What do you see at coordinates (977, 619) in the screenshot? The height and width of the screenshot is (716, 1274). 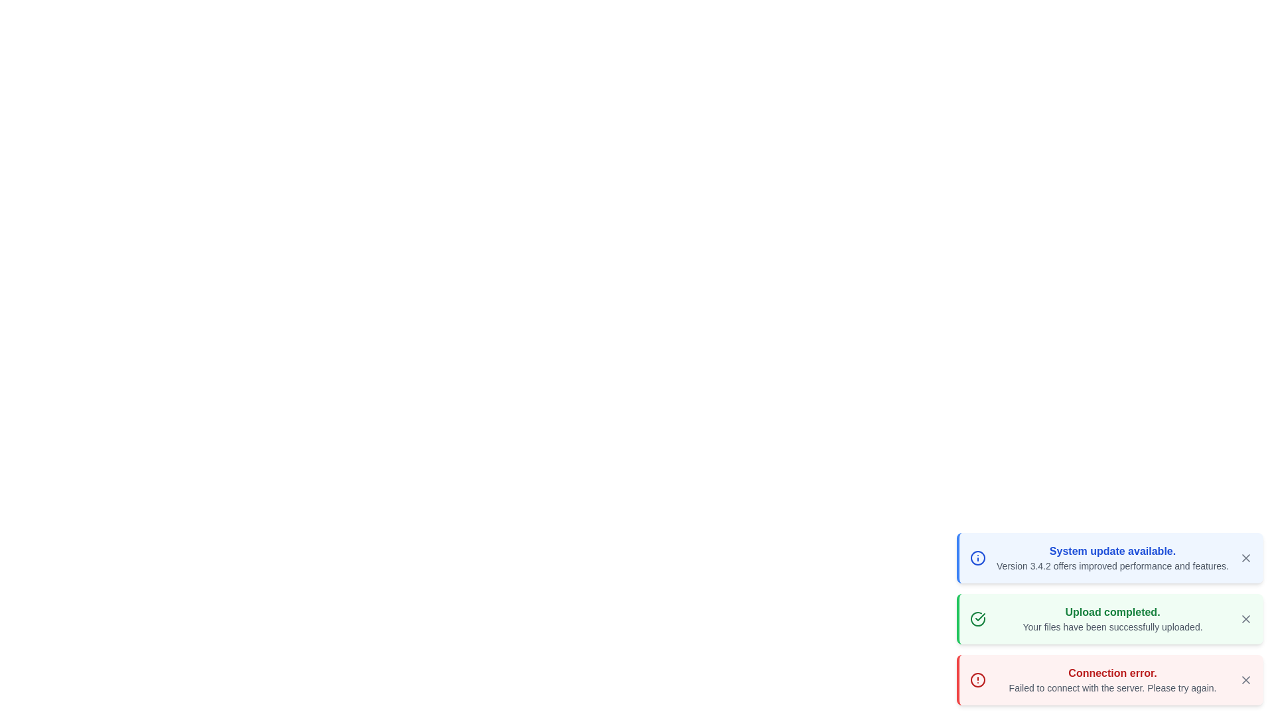 I see `the icon representing the message type success` at bounding box center [977, 619].